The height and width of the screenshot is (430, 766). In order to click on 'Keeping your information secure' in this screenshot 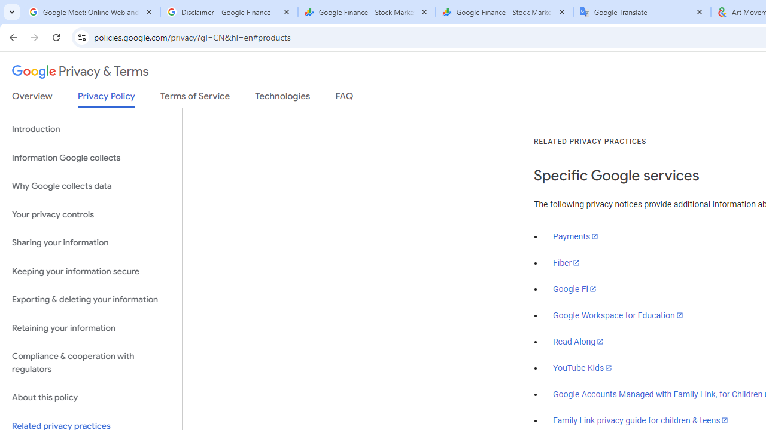, I will do `click(90, 271)`.